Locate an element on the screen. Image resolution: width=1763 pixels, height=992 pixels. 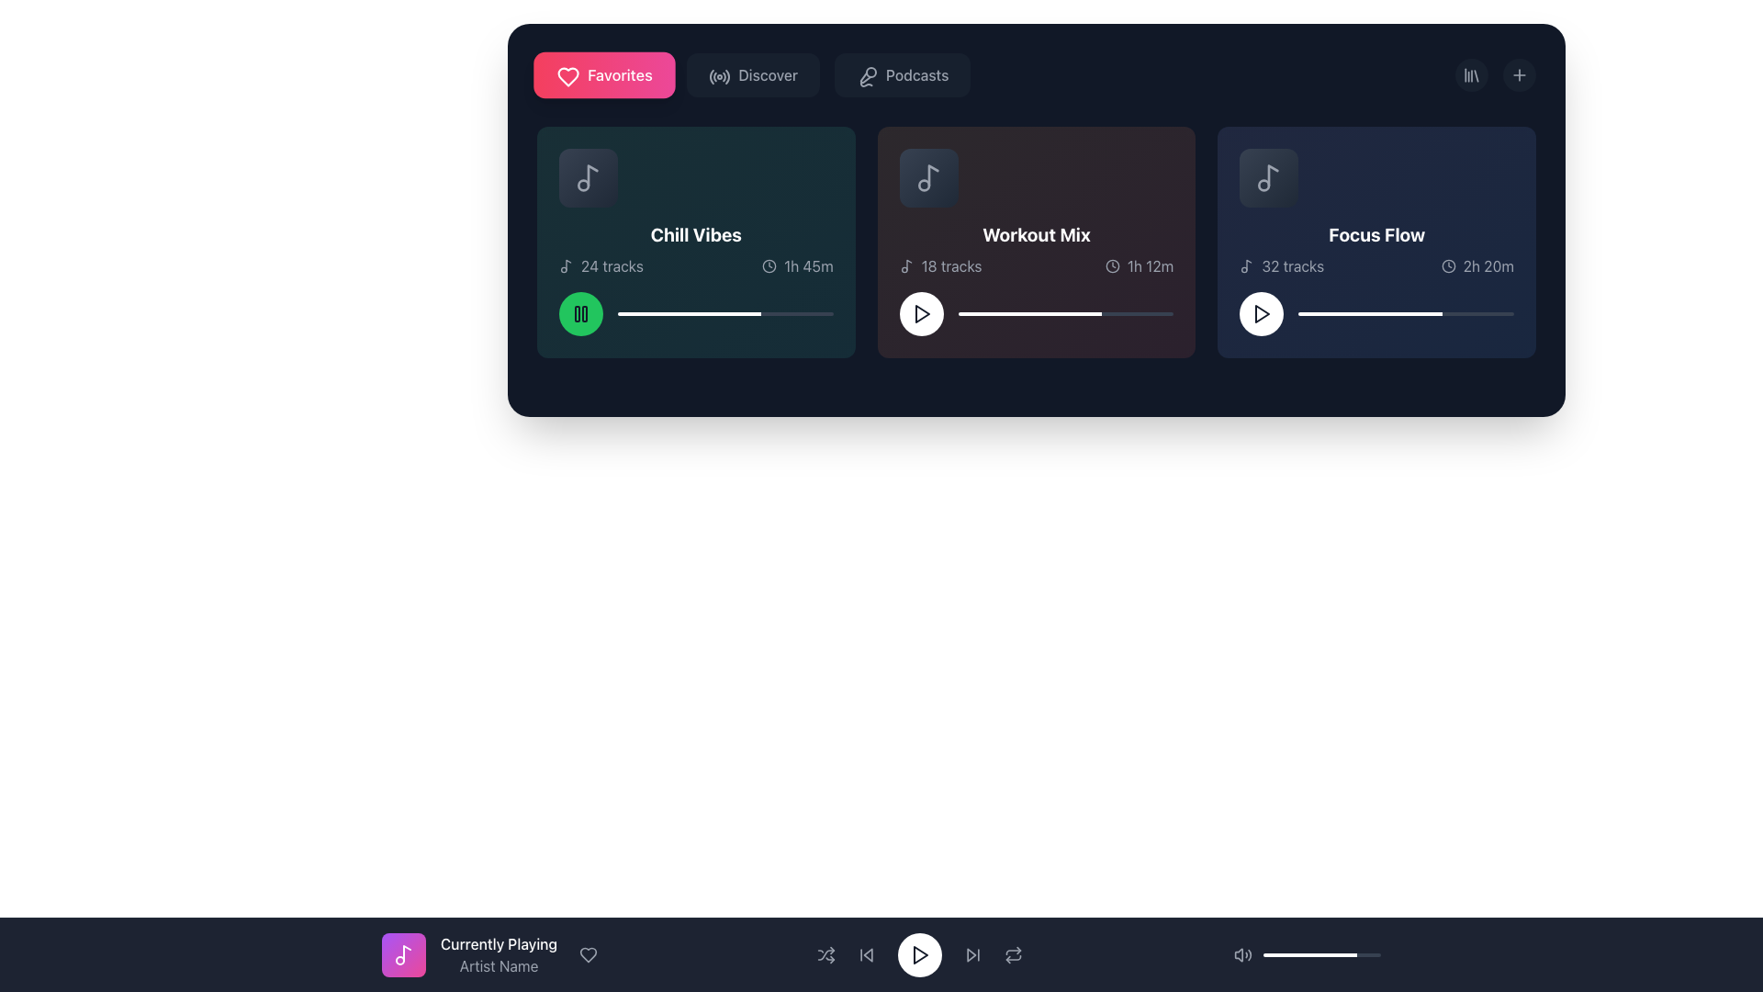
the music track icon located at the leftmost side of the 'Currently Playing' section, which visually represents the currently playing track is located at coordinates (403, 954).